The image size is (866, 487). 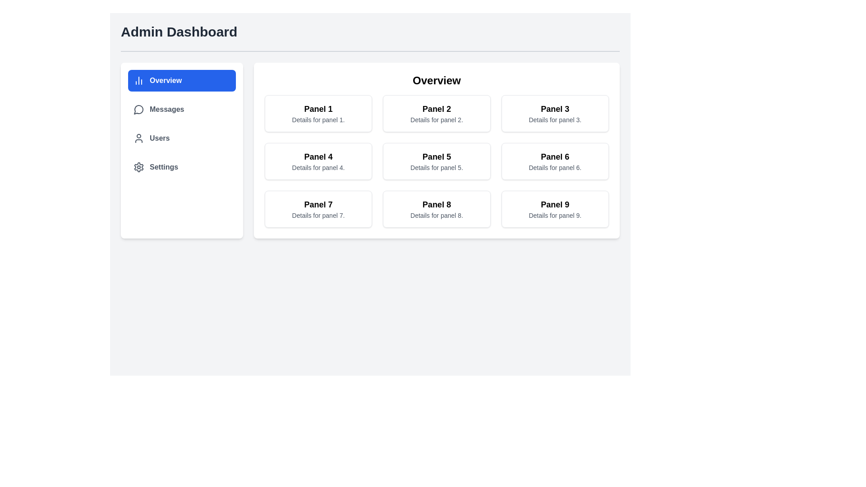 I want to click on the display panel for 'Panel 8' located in the third column of the third row, adjacent to 'Panel 7' on the left and 'Panel 9' on the right, so click(x=437, y=209).